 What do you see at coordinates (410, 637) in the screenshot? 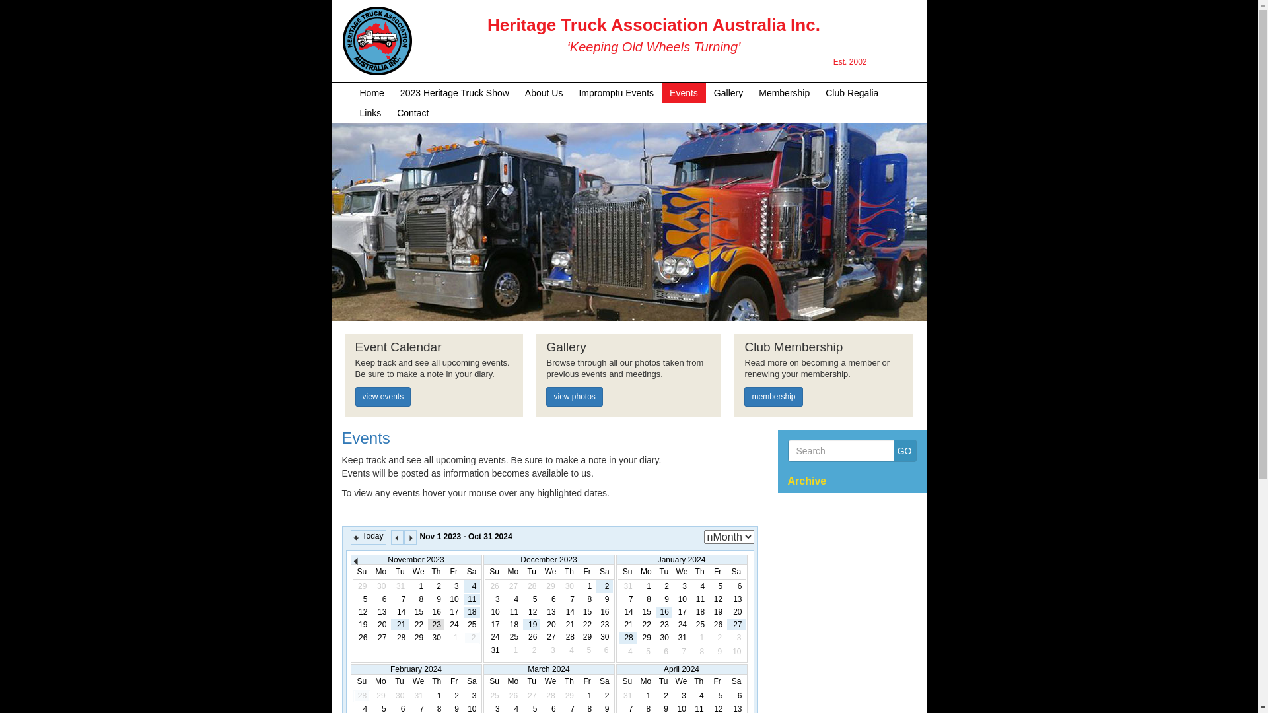
I see `'29'` at bounding box center [410, 637].